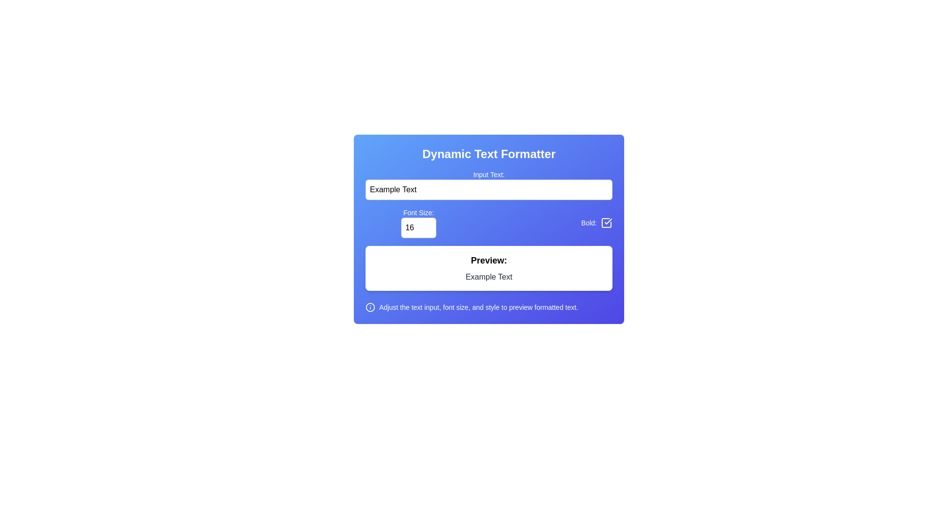 The height and width of the screenshot is (527, 937). Describe the element at coordinates (369, 306) in the screenshot. I see `the decorative informational SVG icon located to the left of the text 'Adjust the text input, font size, and style` at that location.